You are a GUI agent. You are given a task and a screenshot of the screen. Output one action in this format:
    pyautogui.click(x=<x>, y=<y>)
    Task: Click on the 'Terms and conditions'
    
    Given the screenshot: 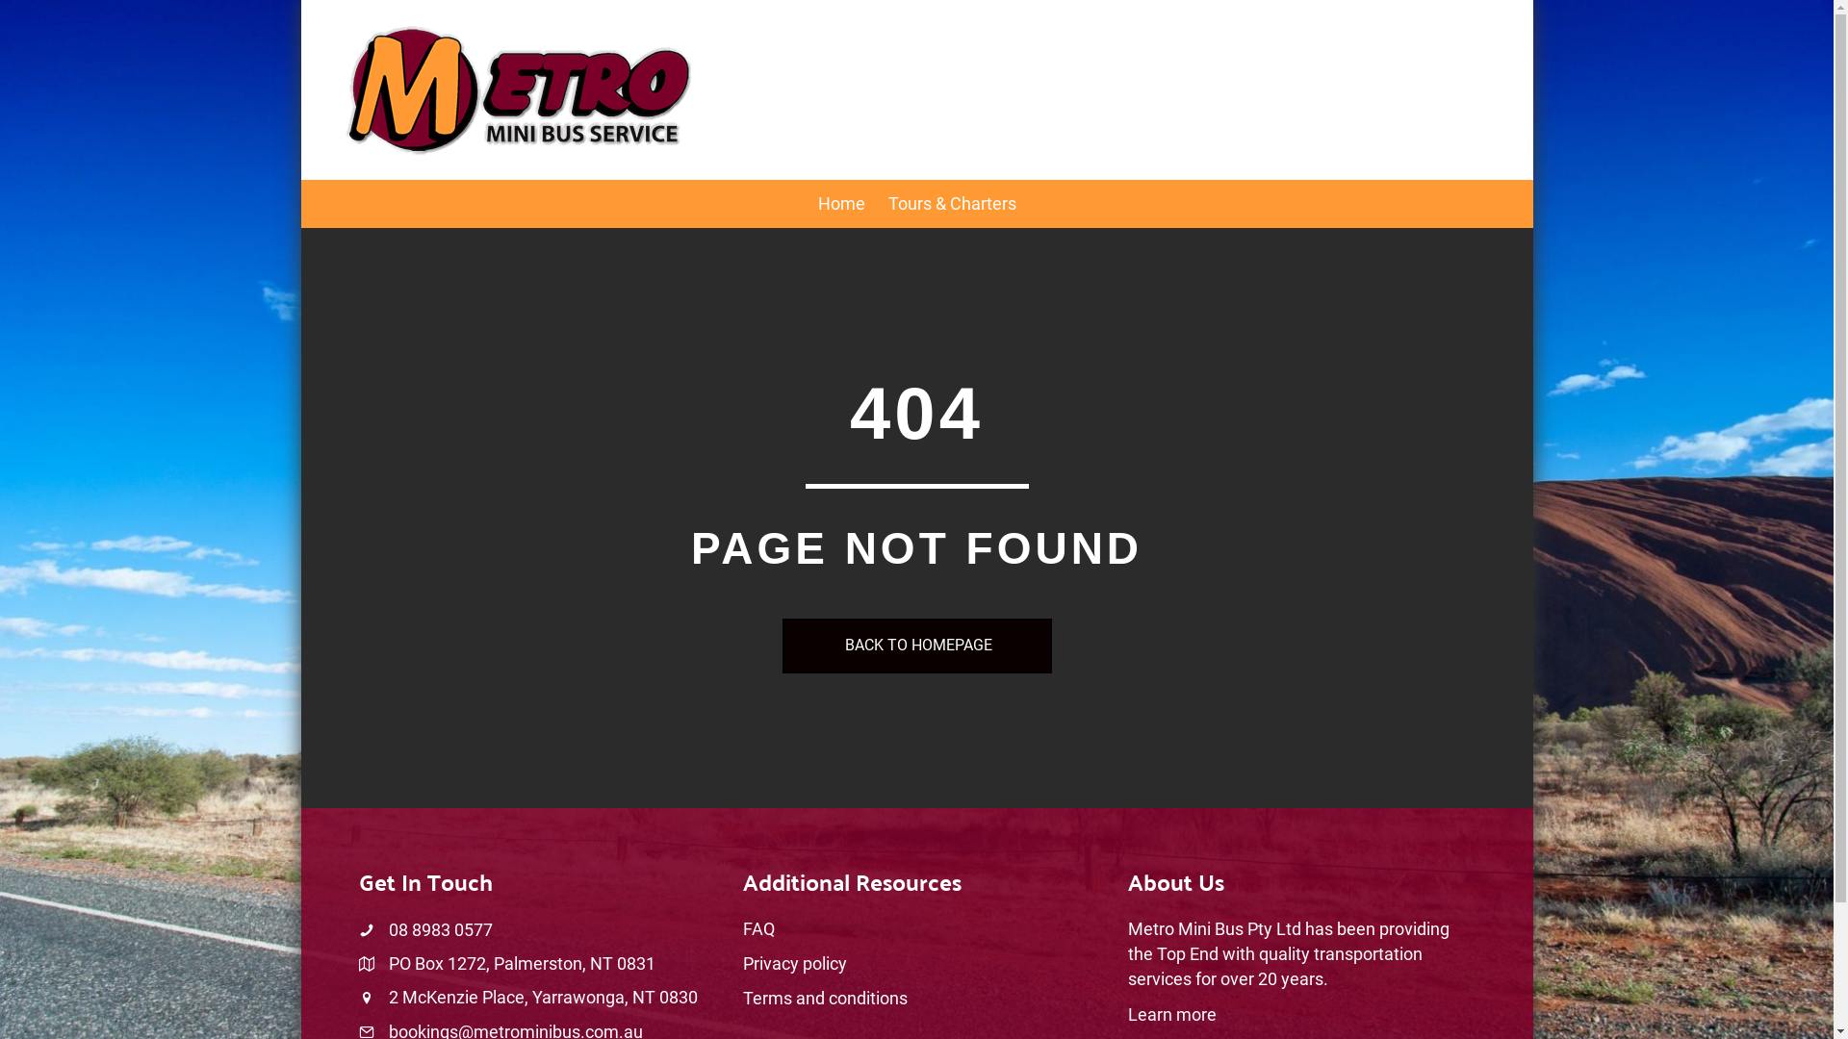 What is the action you would take?
    pyautogui.click(x=825, y=997)
    